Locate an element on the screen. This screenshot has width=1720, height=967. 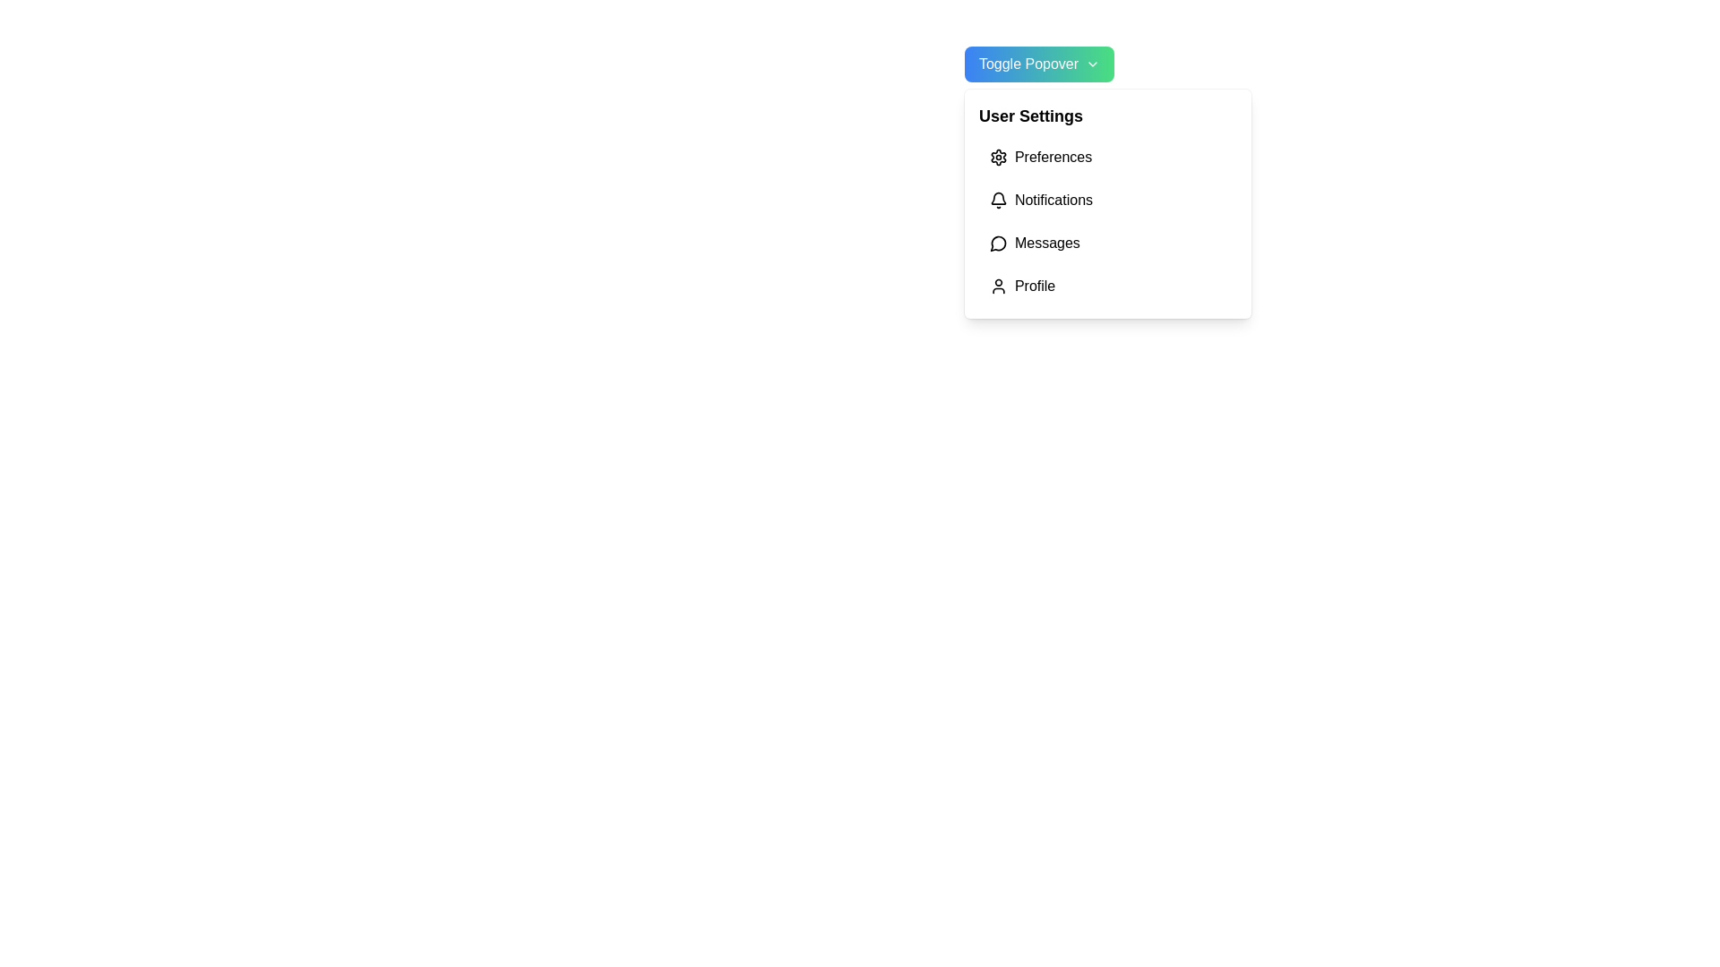
the first item in the vertical list under 'User Settings' is located at coordinates (1106, 157).